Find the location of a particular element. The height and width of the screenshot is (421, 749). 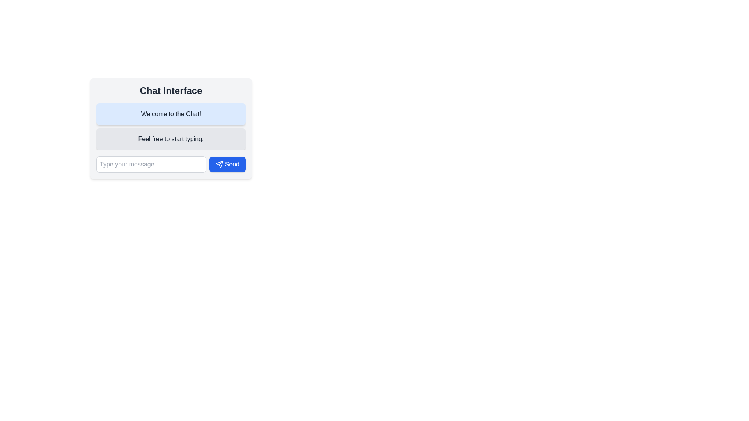

the triangular paper airplane icon with a white outline on a blue background is located at coordinates (219, 164).